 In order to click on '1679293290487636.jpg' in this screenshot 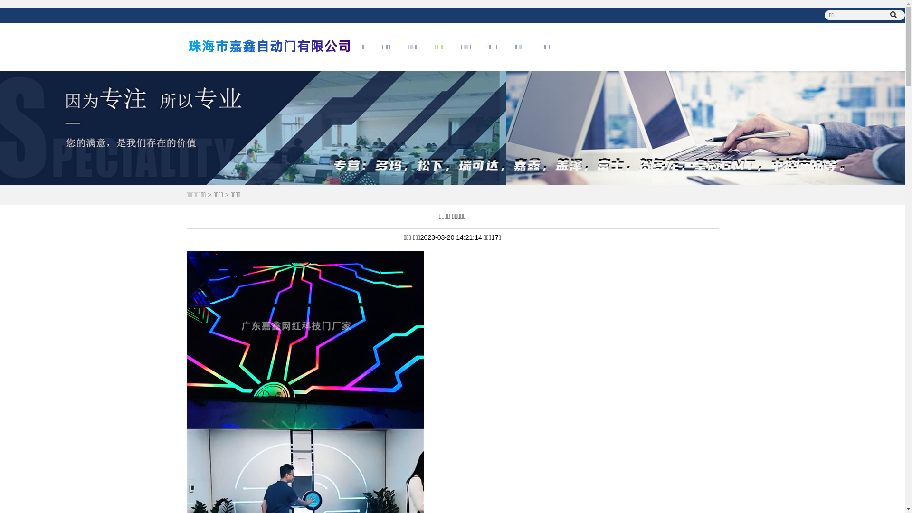, I will do `click(305, 339)`.